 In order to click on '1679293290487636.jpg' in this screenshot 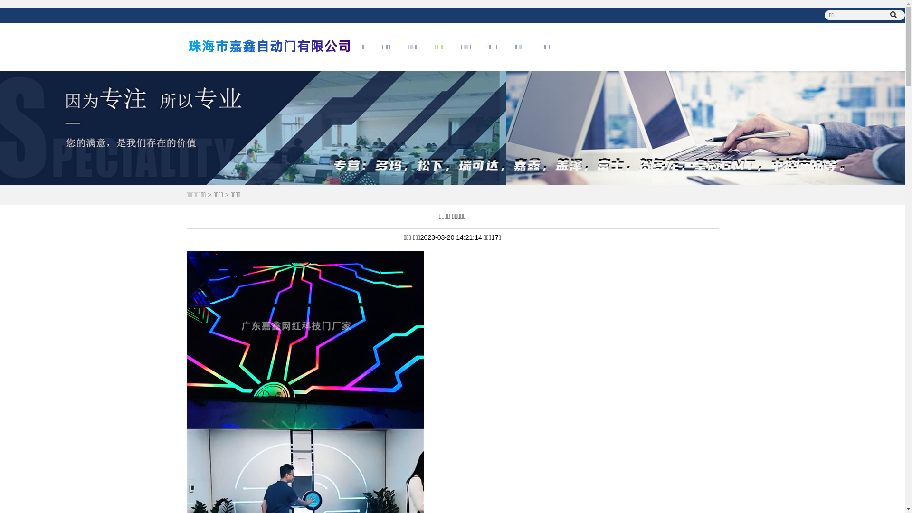, I will do `click(305, 339)`.